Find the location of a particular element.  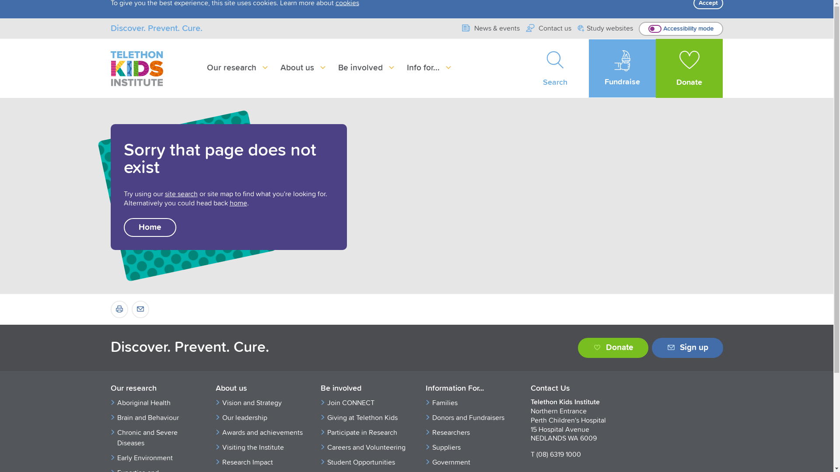

'Suppliers' is located at coordinates (472, 447).